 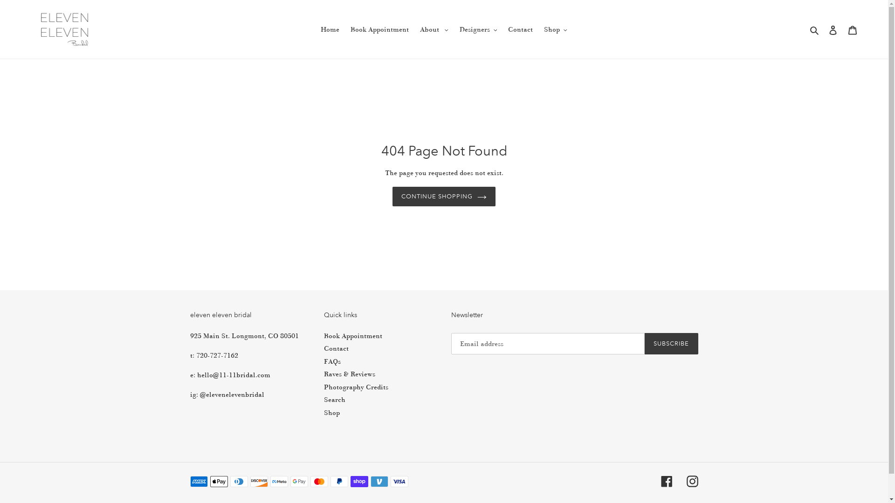 What do you see at coordinates (671, 343) in the screenshot?
I see `'SUBSCRIBE'` at bounding box center [671, 343].